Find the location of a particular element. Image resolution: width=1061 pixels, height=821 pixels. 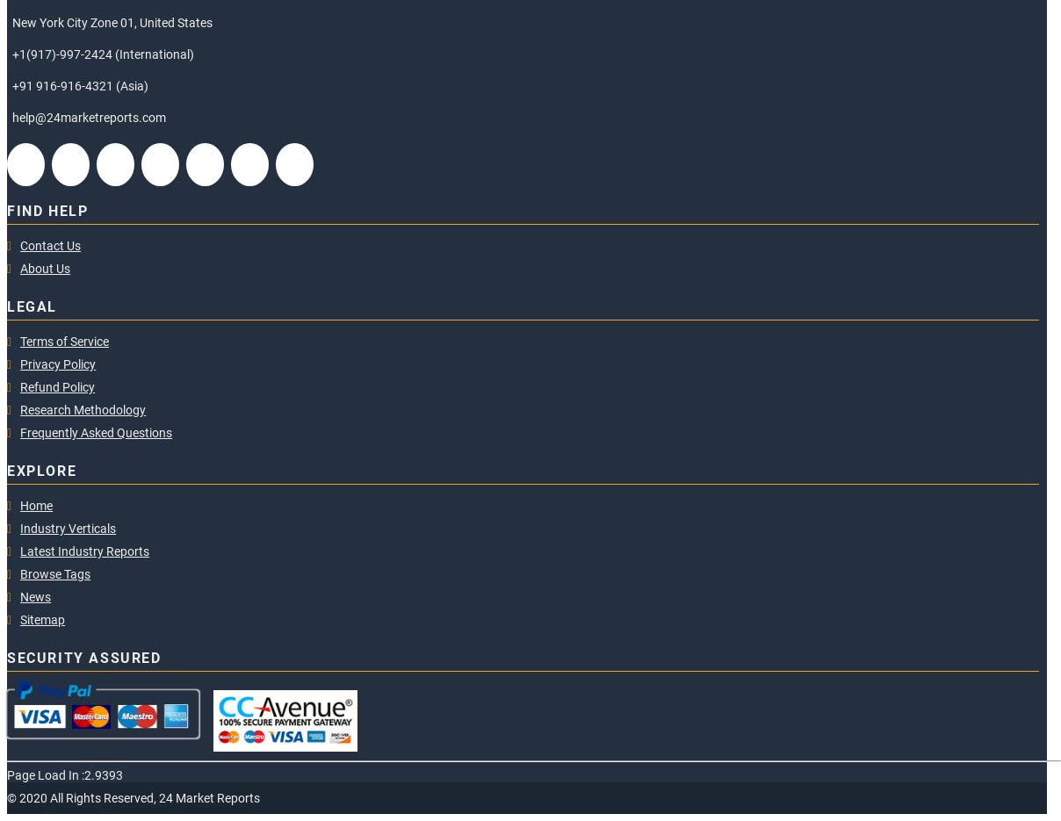

'EXPLORE' is located at coordinates (40, 470).